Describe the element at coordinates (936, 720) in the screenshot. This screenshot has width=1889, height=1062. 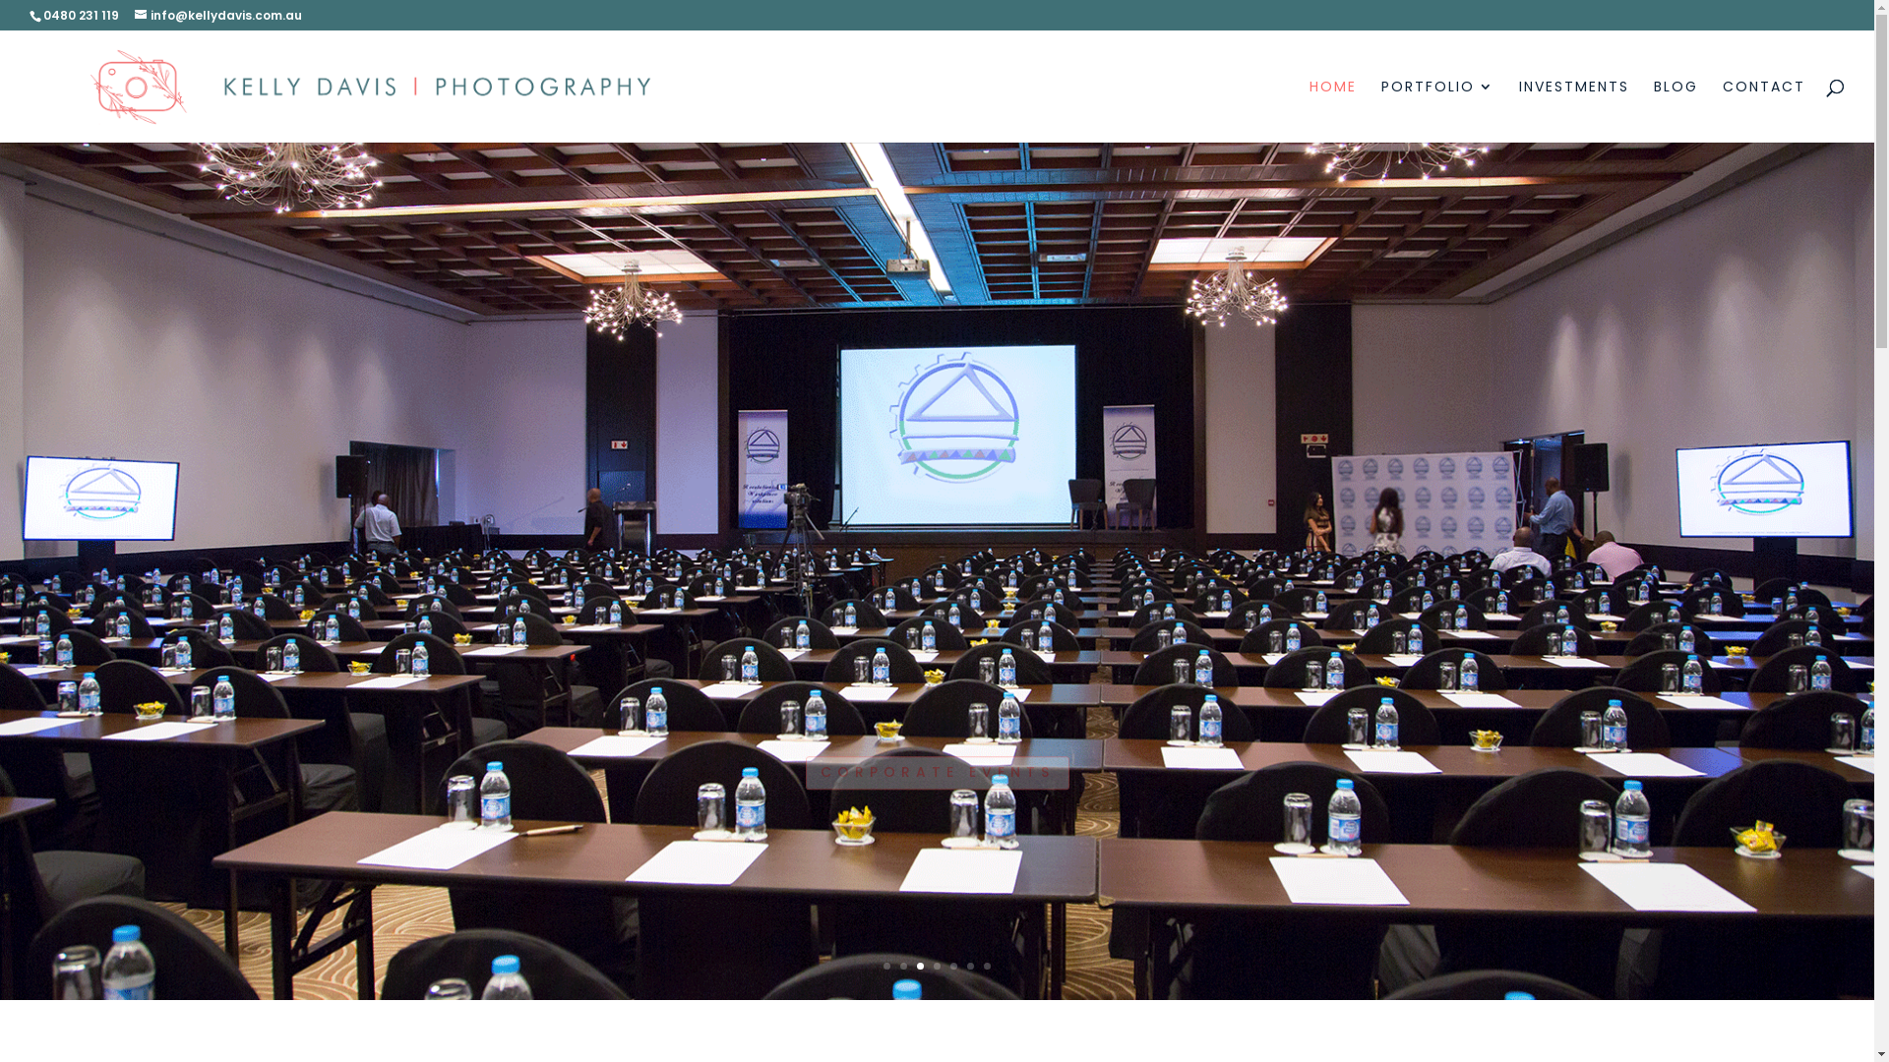
I see `'WEDDINGS'` at that location.